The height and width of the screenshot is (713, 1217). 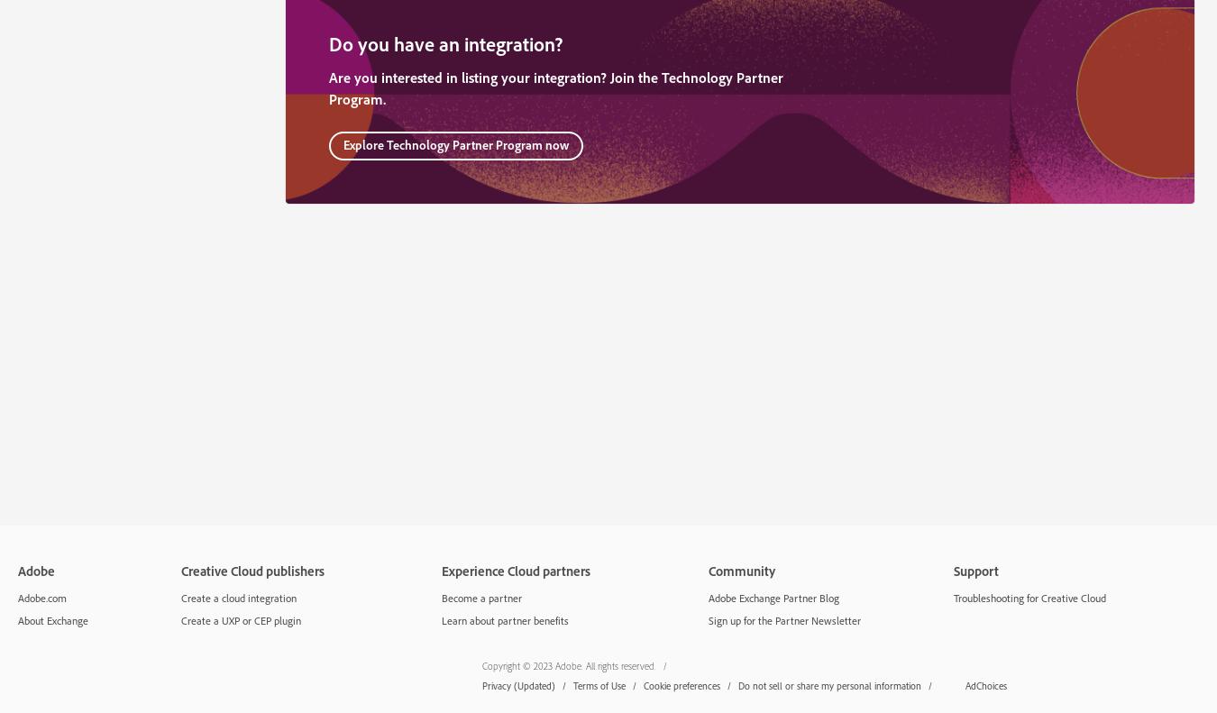 I want to click on 'Privacy (Updated)', so click(x=518, y=686).